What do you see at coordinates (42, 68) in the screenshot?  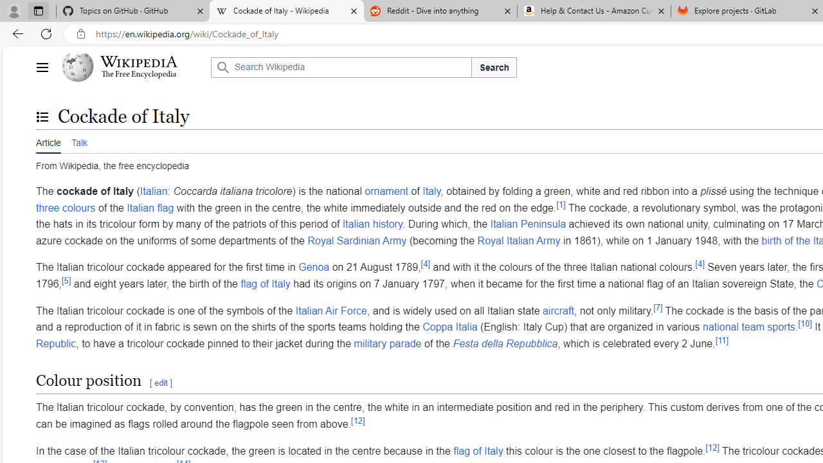 I see `'Main menu'` at bounding box center [42, 68].